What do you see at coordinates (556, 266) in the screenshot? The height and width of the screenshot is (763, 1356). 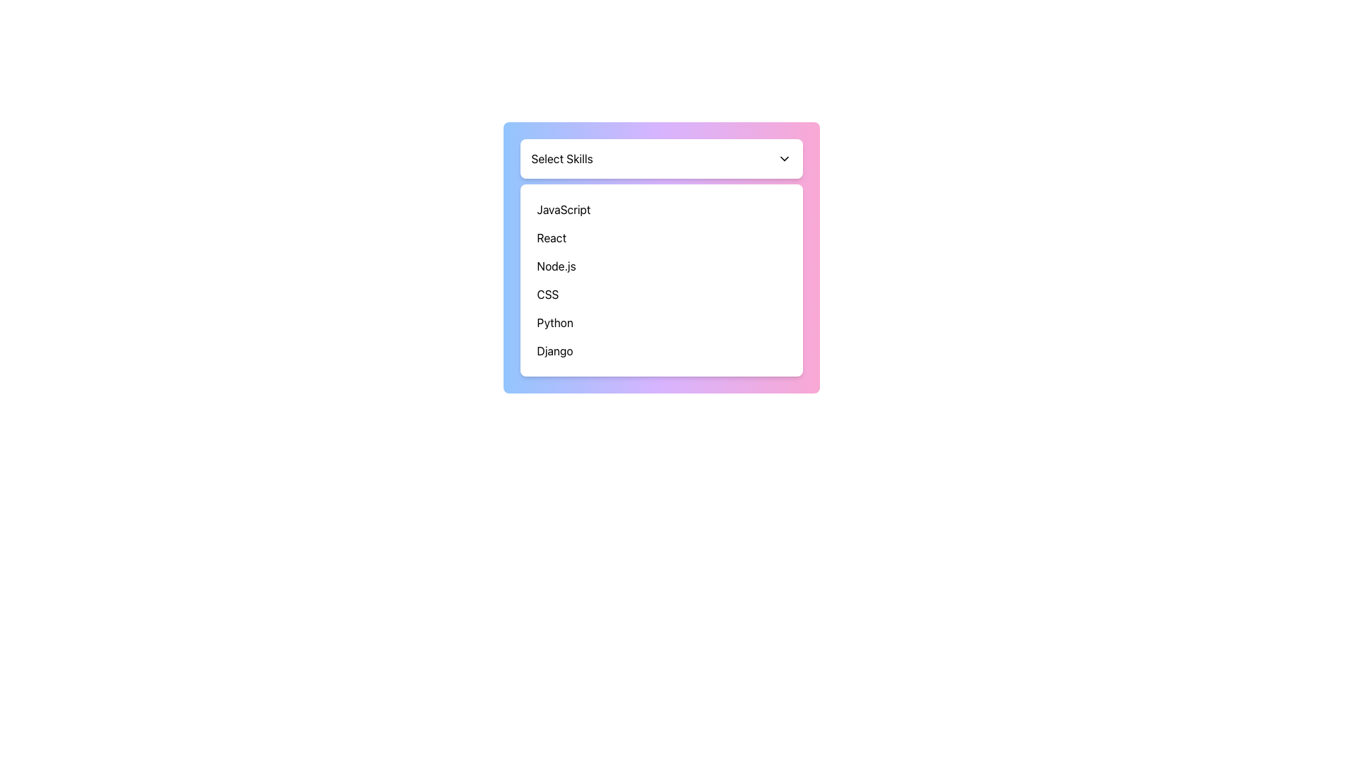 I see `the 'Node.js' text element, which is the third option in the dropdown menu` at bounding box center [556, 266].